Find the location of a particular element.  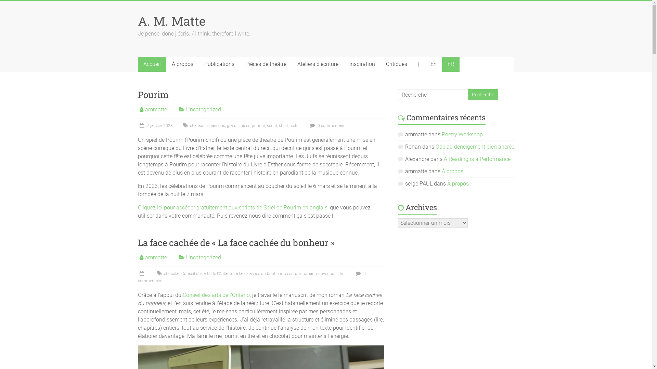

'shpil' is located at coordinates (283, 125).